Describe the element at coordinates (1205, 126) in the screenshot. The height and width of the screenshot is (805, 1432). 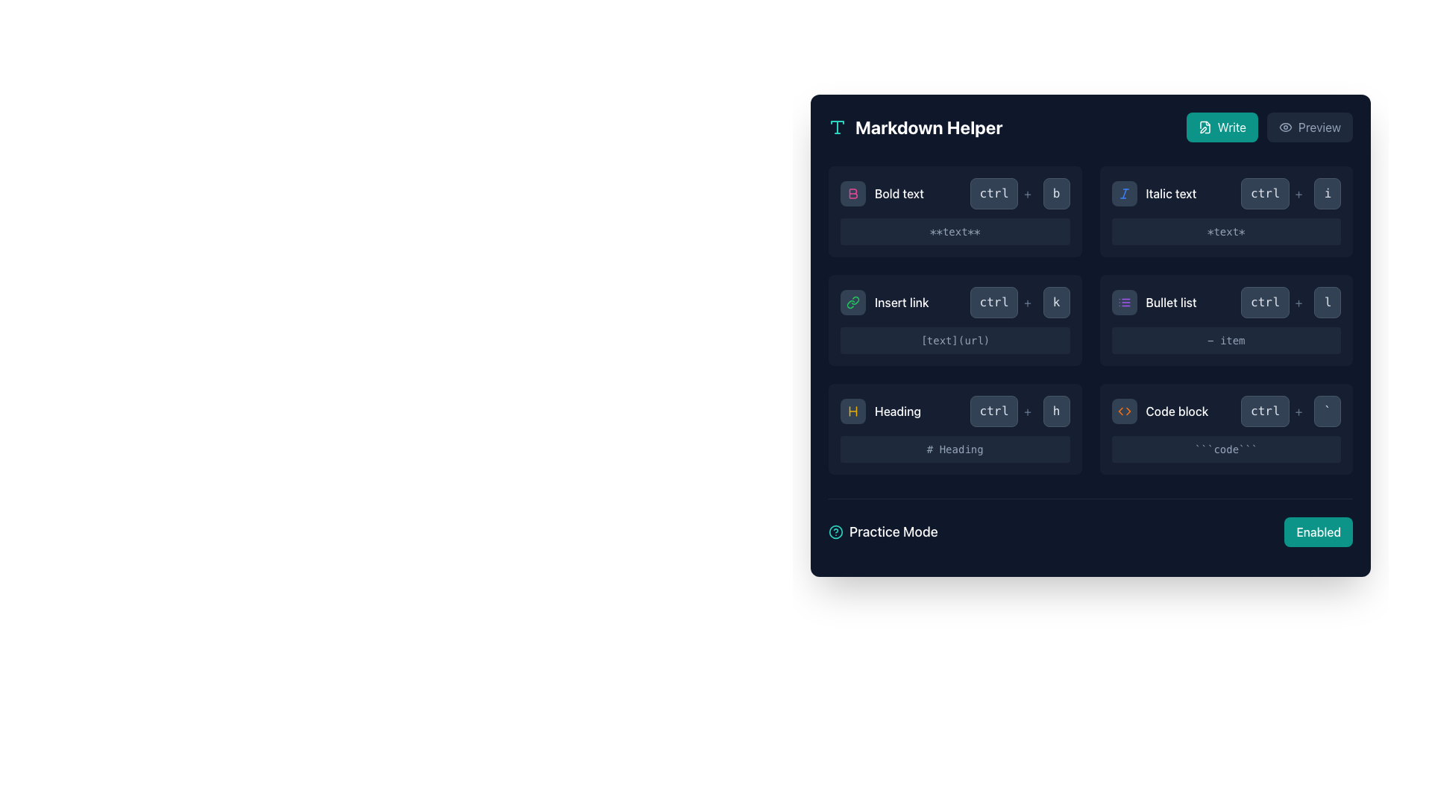
I see `the editing icon resembling a file with a pen on it located in the top-right corner of the 'Markdown Helper' interface` at that location.